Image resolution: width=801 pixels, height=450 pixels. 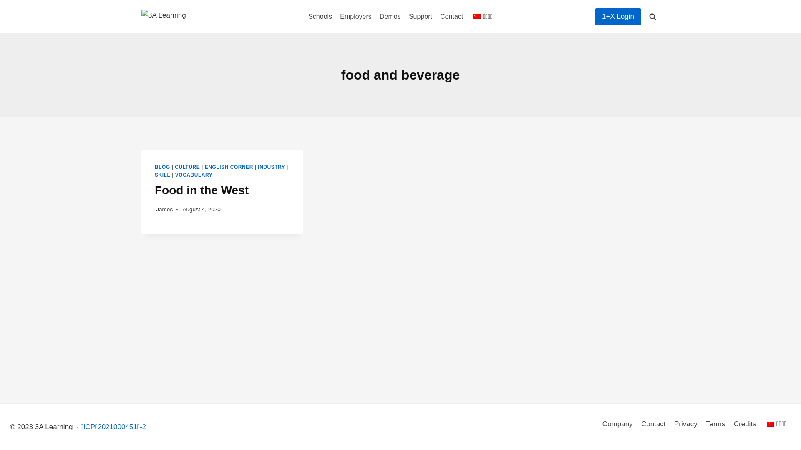 I want to click on 'Employers', so click(x=356, y=17).